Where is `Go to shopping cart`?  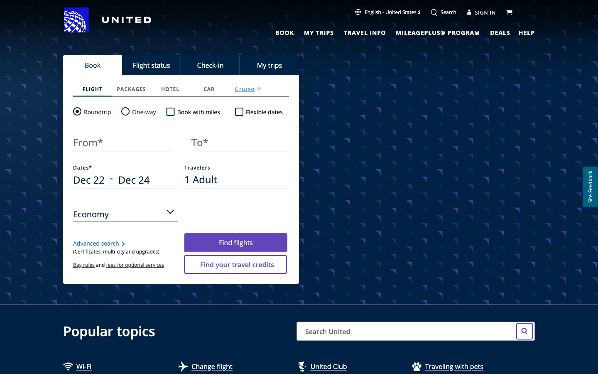
Go to shopping cart is located at coordinates (510, 11).